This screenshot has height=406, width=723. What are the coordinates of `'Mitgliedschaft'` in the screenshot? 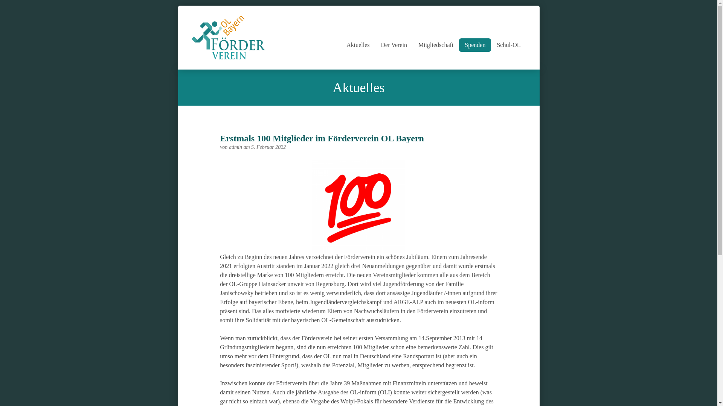 It's located at (436, 45).